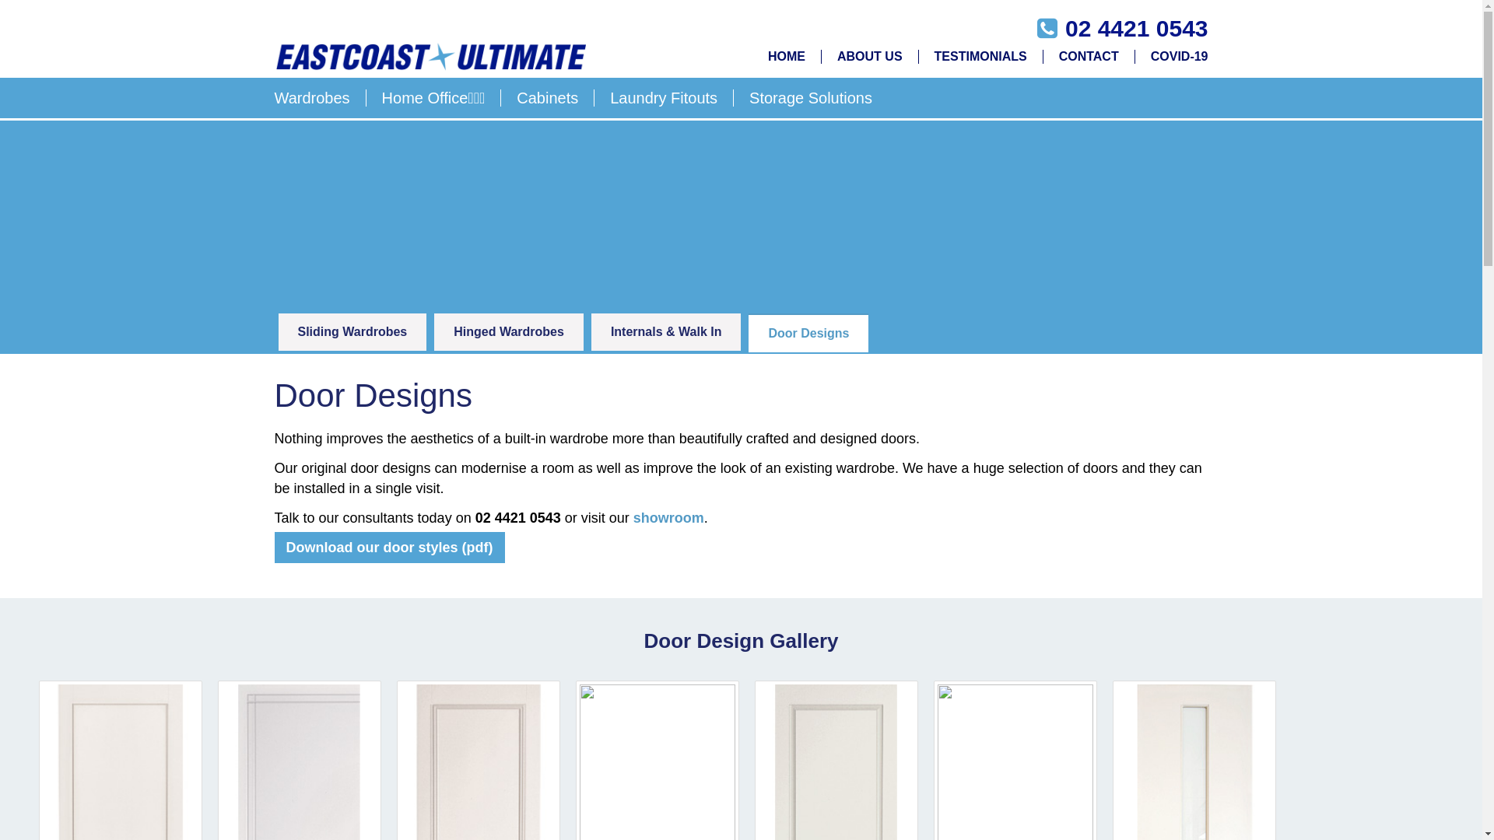 This screenshot has height=840, width=1494. What do you see at coordinates (388, 547) in the screenshot?
I see `'Download our door styles (pdf)'` at bounding box center [388, 547].